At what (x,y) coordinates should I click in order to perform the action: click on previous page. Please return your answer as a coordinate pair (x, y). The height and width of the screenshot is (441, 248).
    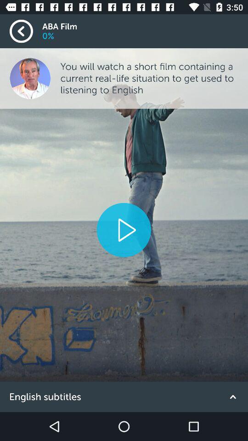
    Looking at the image, I should click on (26, 31).